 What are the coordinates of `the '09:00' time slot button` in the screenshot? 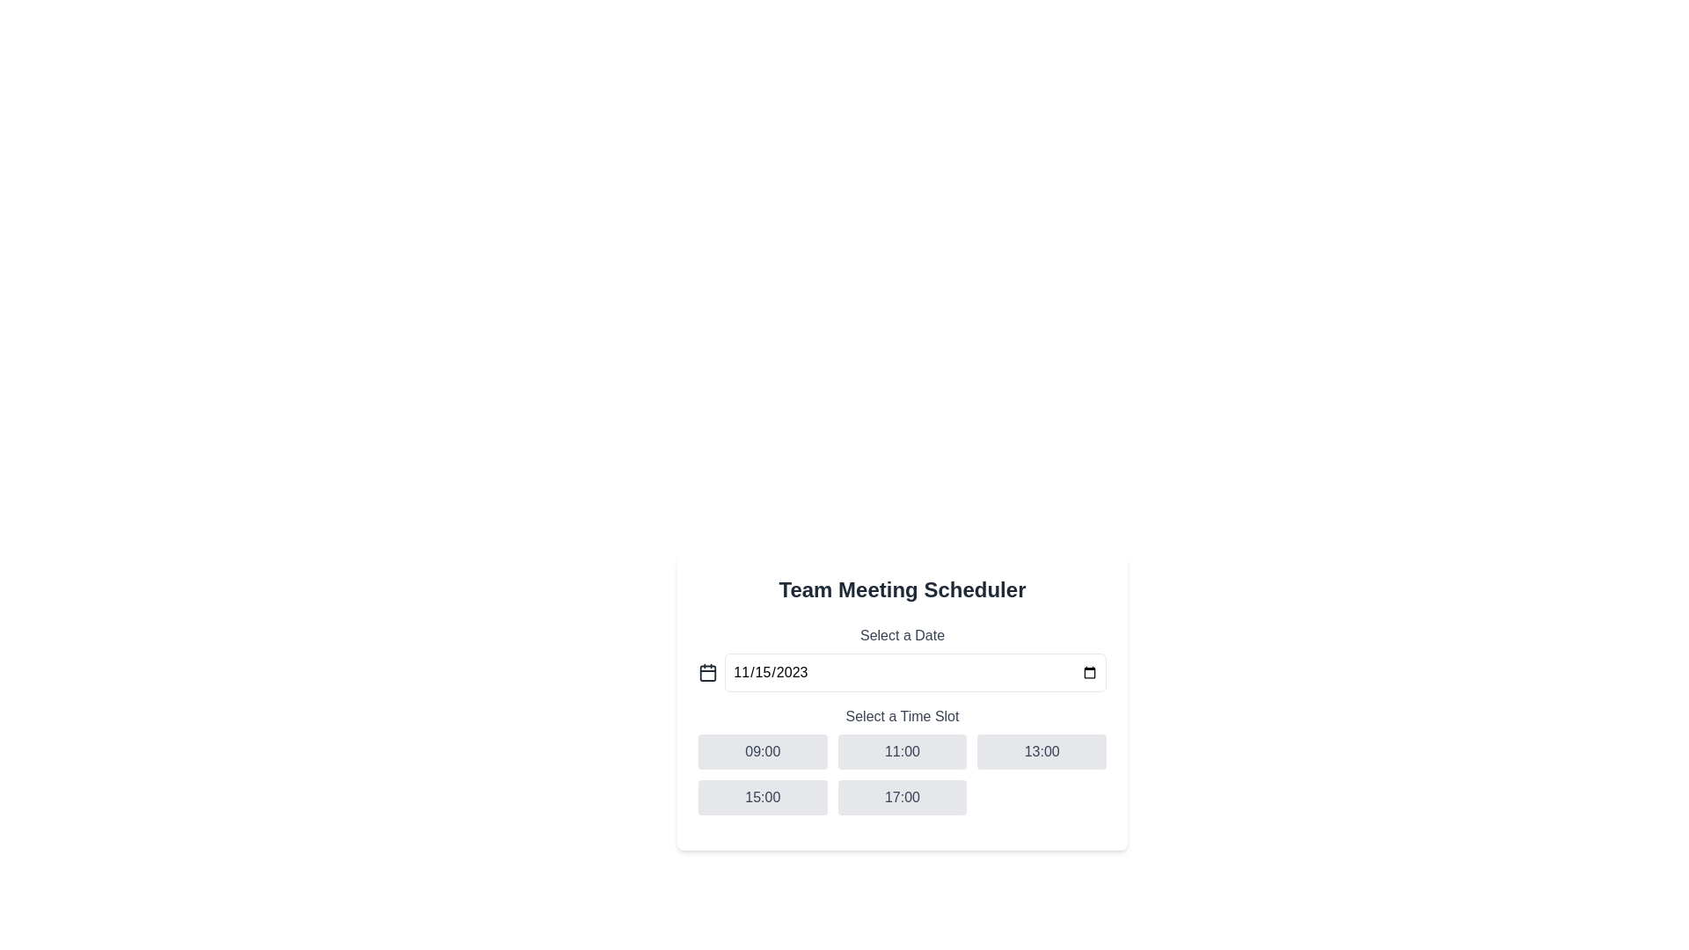 It's located at (763, 752).